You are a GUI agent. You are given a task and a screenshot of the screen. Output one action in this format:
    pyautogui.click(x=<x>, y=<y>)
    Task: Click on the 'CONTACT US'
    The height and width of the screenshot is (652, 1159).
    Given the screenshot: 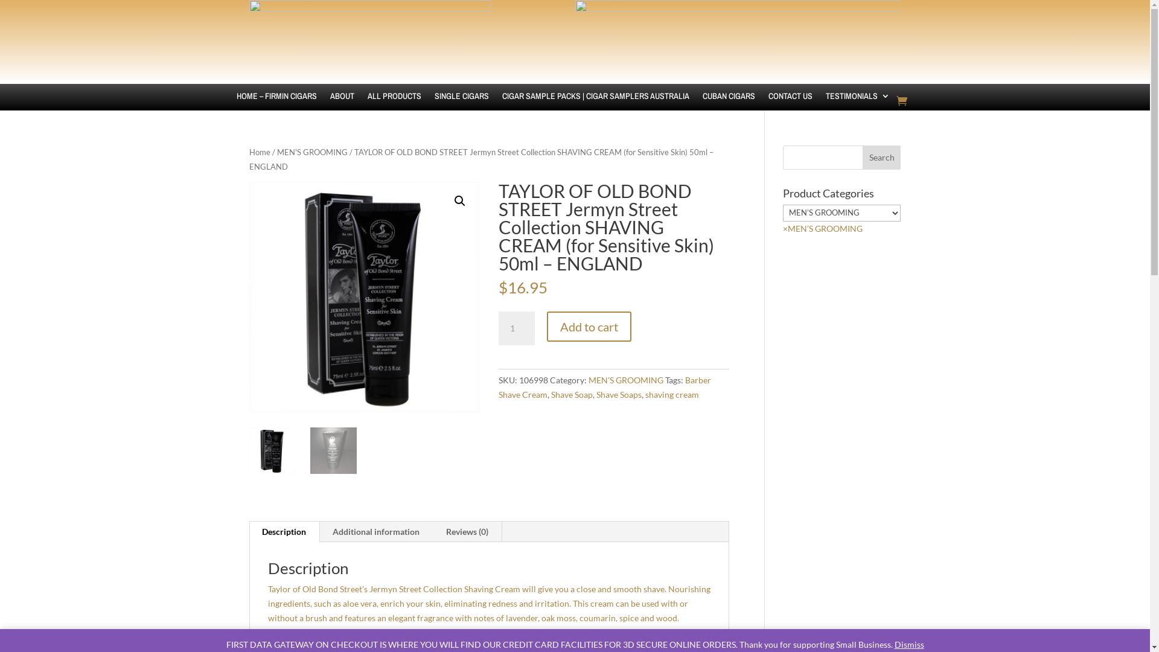 What is the action you would take?
    pyautogui.click(x=790, y=104)
    